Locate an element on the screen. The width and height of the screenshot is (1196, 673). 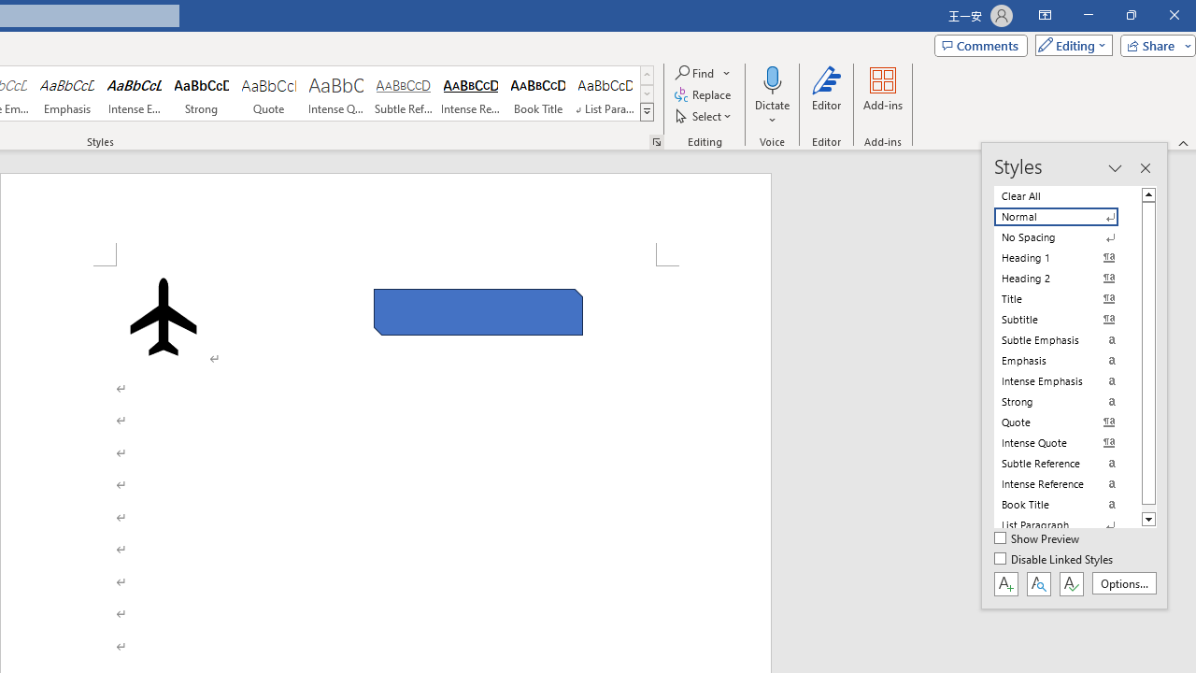
'Close pane' is located at coordinates (1144, 168).